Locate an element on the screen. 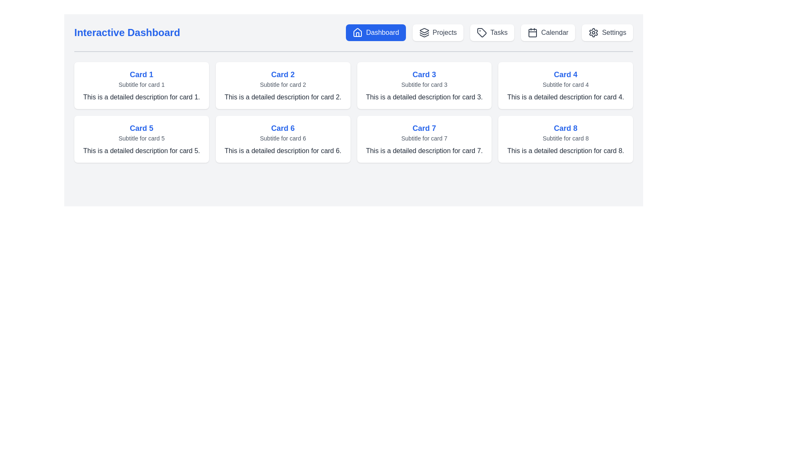  the second card component in the grid layout, which provides an informational summary and is designed to be interactive is located at coordinates (283, 86).